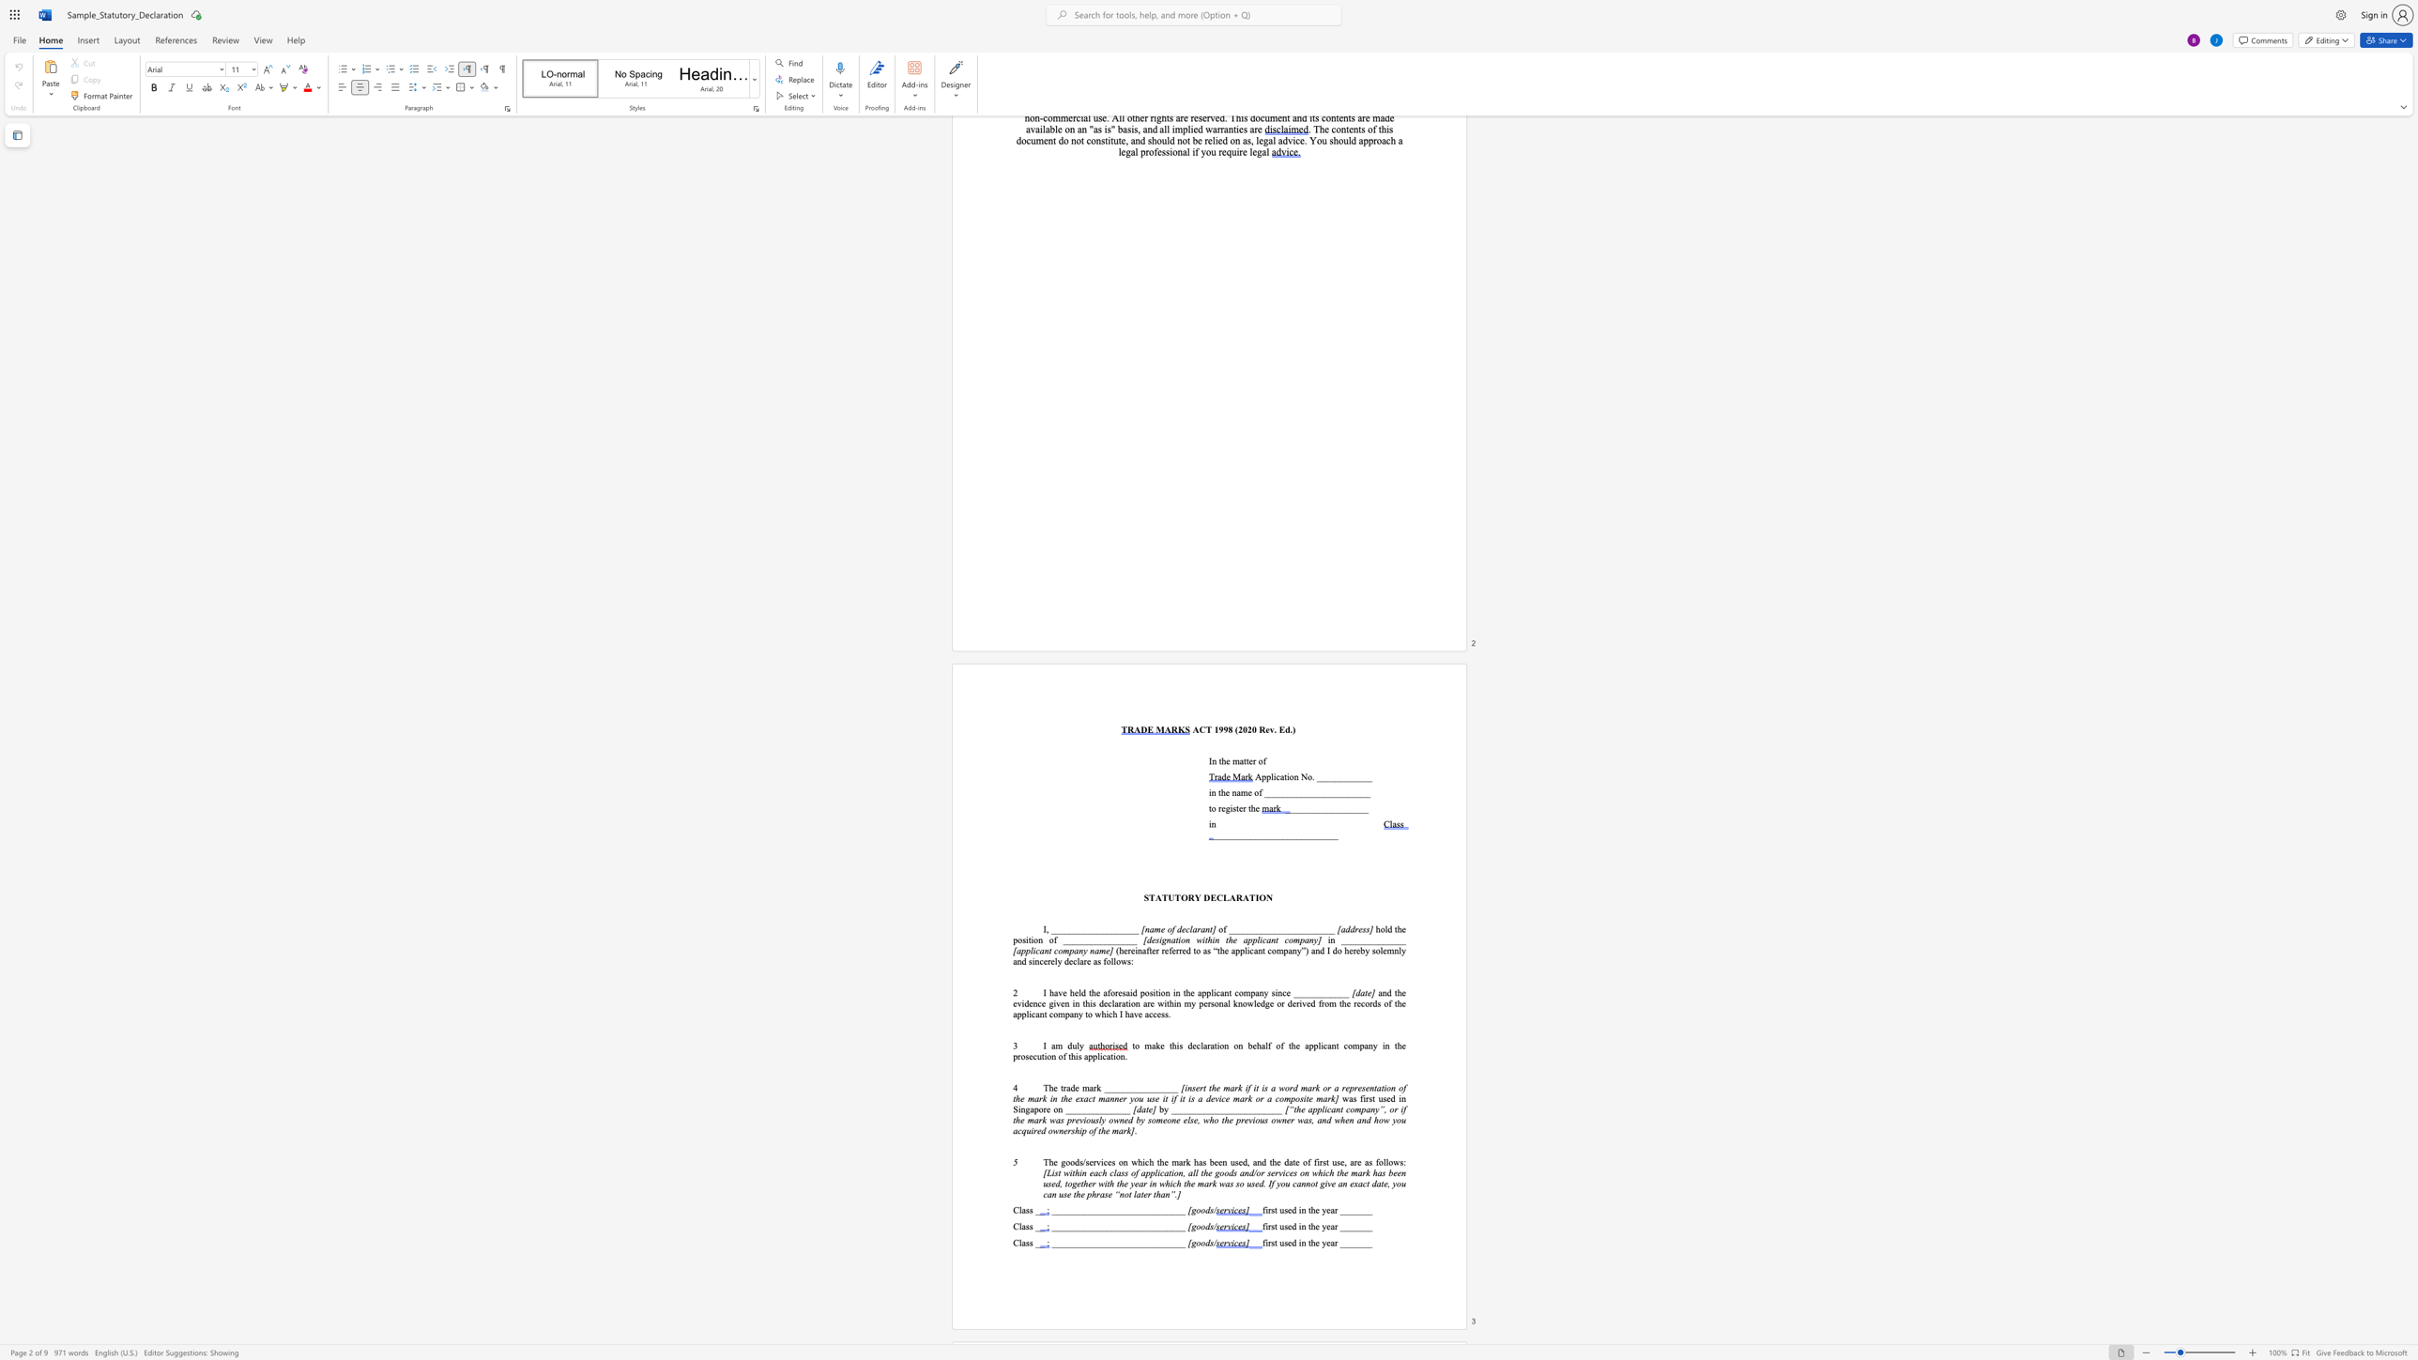  I want to click on the subset text "rant]" within the text "[name of declarant]", so click(1197, 928).